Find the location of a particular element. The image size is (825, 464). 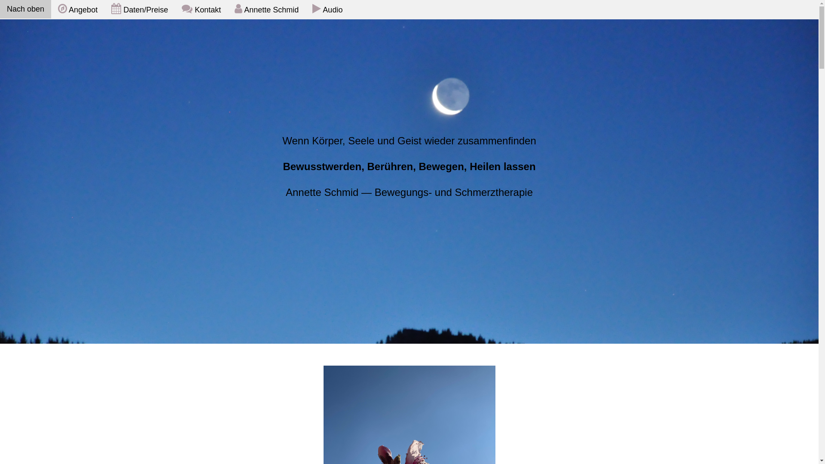

'Kontakt' is located at coordinates (201, 9).